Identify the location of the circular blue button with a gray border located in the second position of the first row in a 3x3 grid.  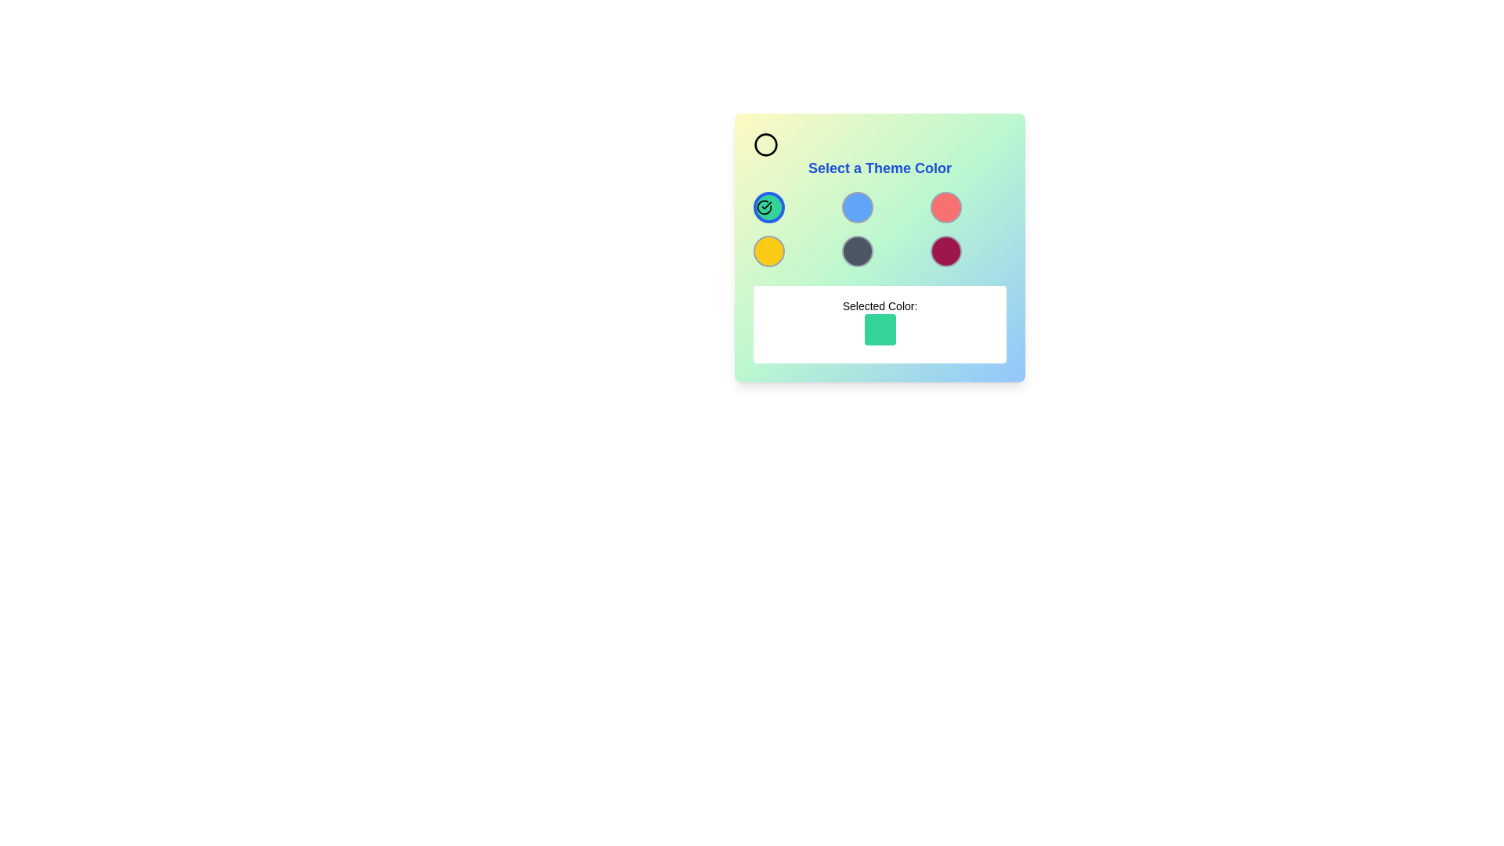
(856, 207).